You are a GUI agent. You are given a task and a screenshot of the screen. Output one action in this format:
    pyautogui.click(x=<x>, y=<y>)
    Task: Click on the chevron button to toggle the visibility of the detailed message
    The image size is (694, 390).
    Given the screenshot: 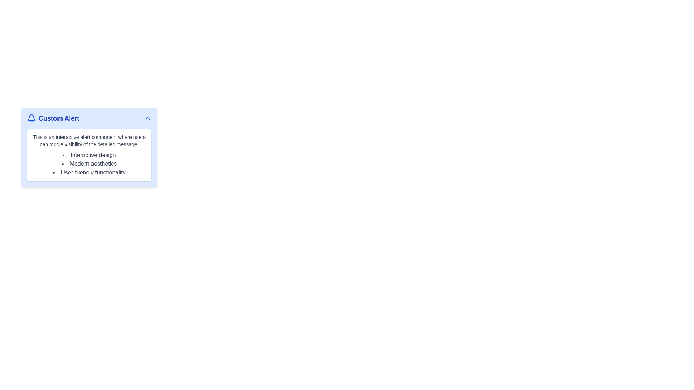 What is the action you would take?
    pyautogui.click(x=147, y=118)
    